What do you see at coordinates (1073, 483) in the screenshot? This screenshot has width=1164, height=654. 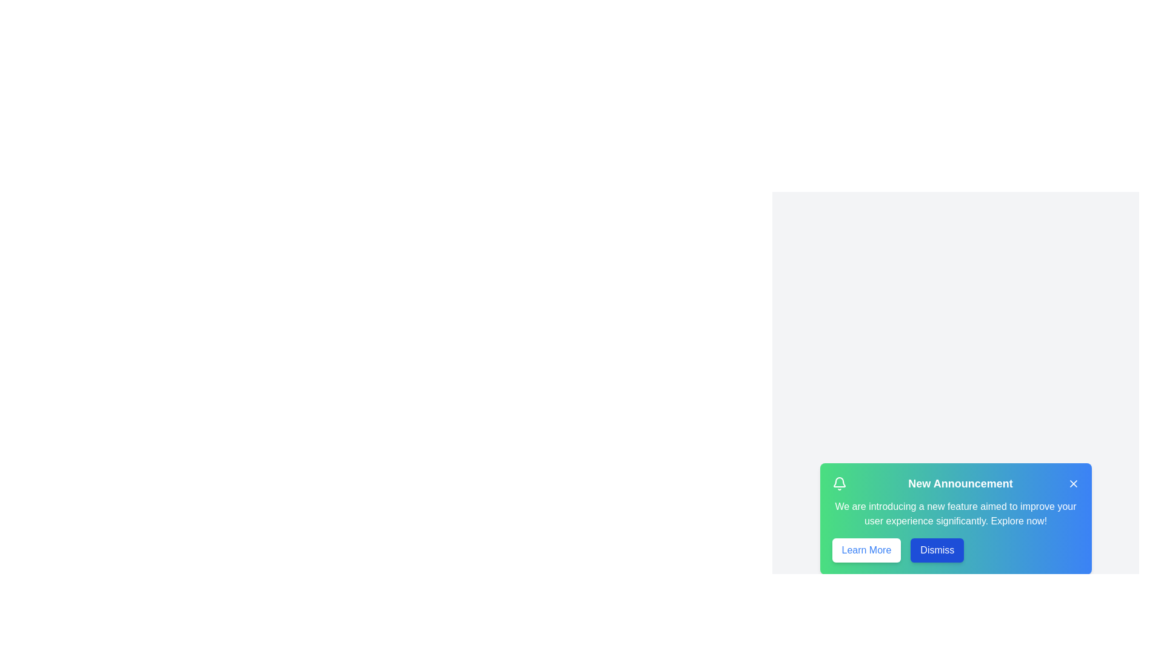 I see `the white '×' icon button located at the top-right corner of the green-to-blue gradient announcement box titled 'New Announcement'` at bounding box center [1073, 483].